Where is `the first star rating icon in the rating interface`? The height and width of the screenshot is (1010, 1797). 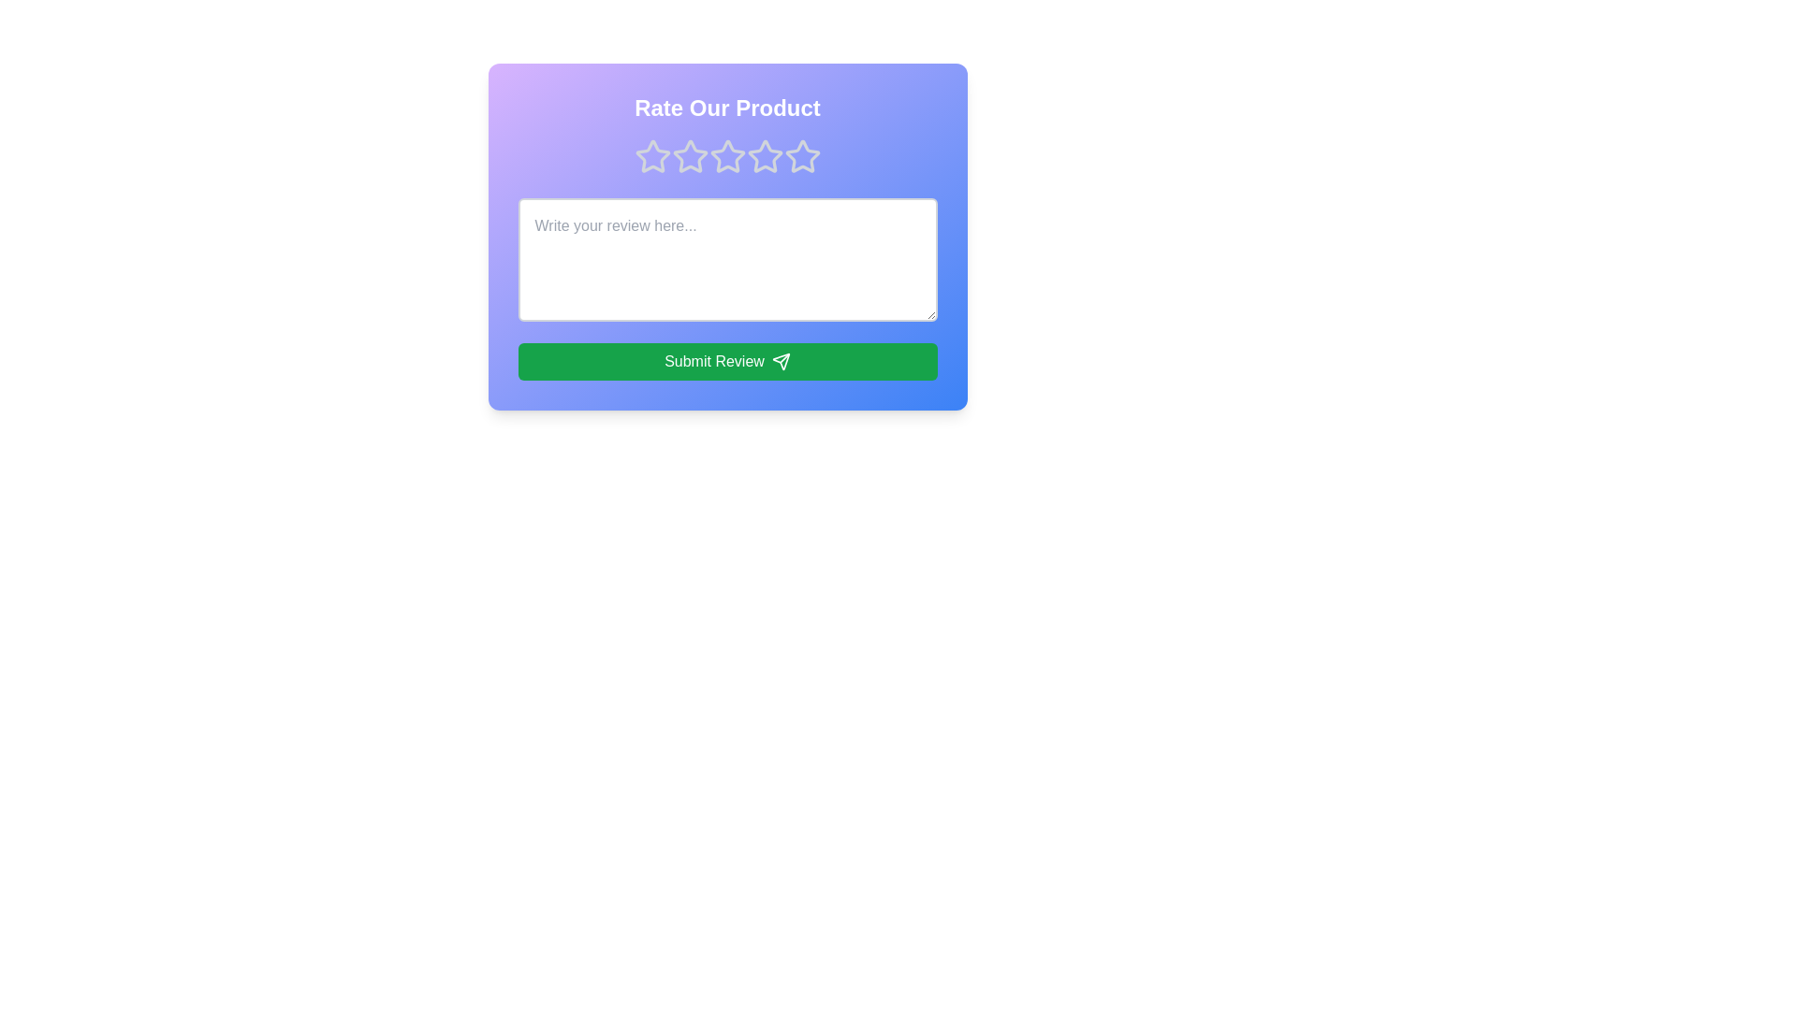
the first star rating icon in the rating interface is located at coordinates (652, 155).